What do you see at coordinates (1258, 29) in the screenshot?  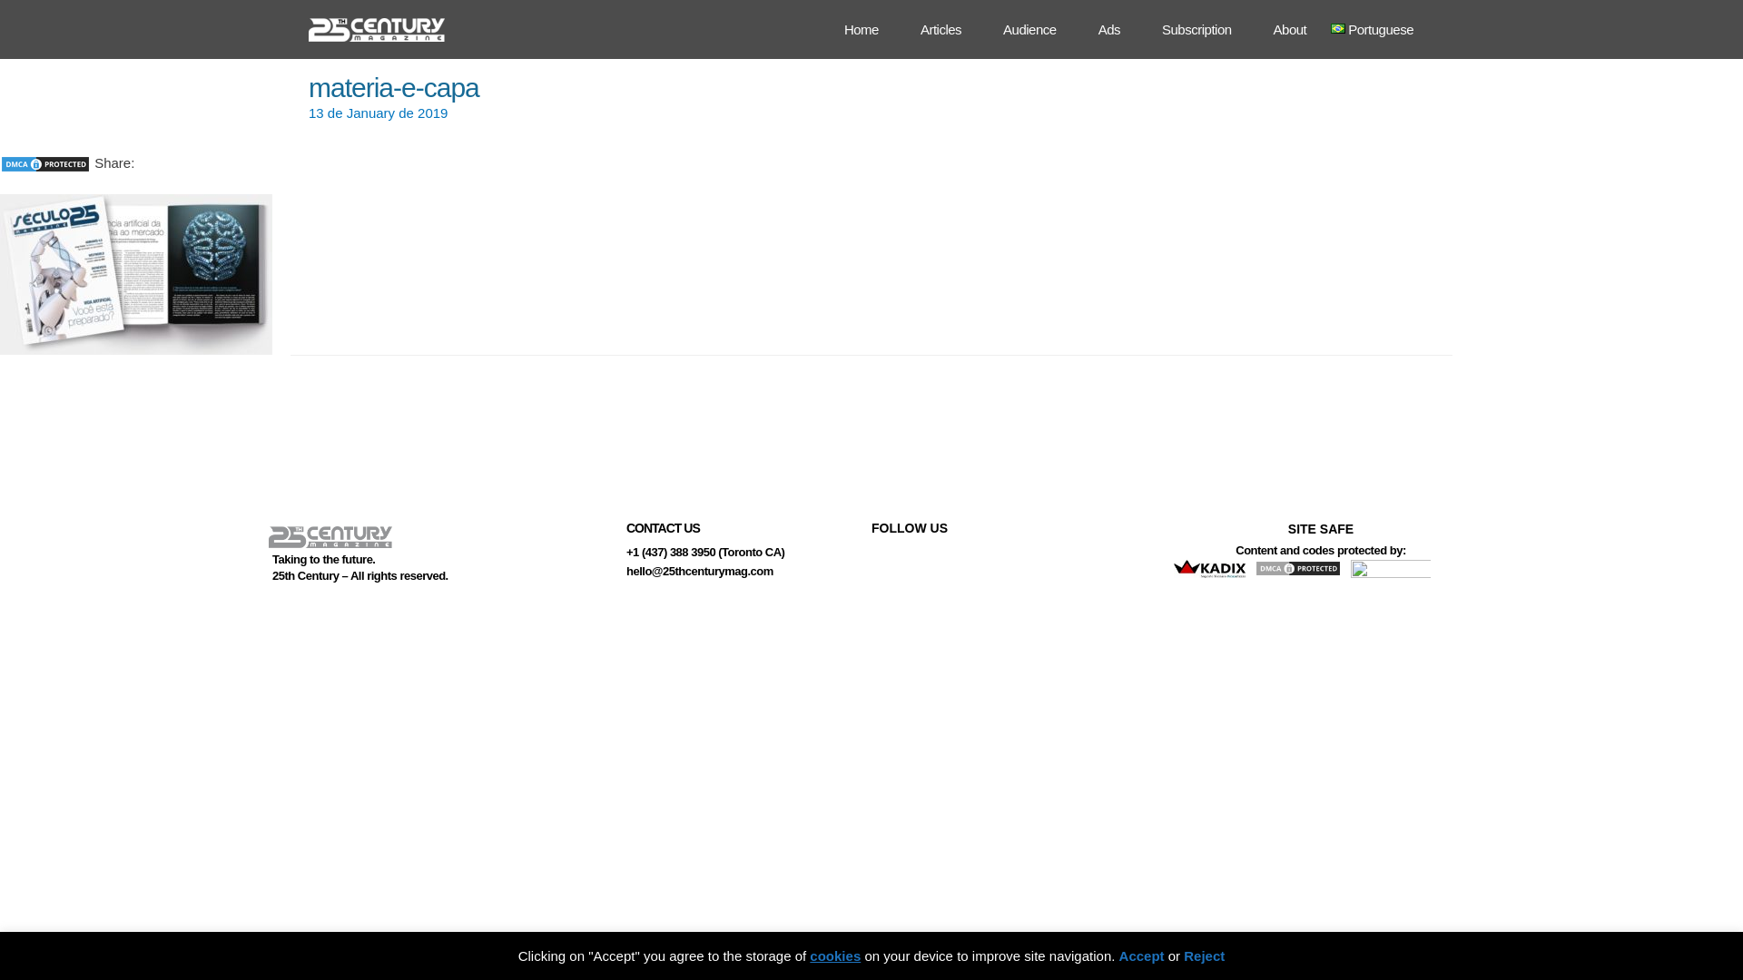 I see `'About'` at bounding box center [1258, 29].